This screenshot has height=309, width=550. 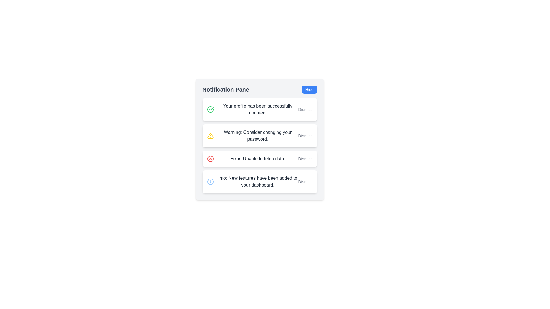 What do you see at coordinates (210, 109) in the screenshot?
I see `the circular green check icon with a white background located at the top-left corner of the first notification card for visual confirmation` at bounding box center [210, 109].